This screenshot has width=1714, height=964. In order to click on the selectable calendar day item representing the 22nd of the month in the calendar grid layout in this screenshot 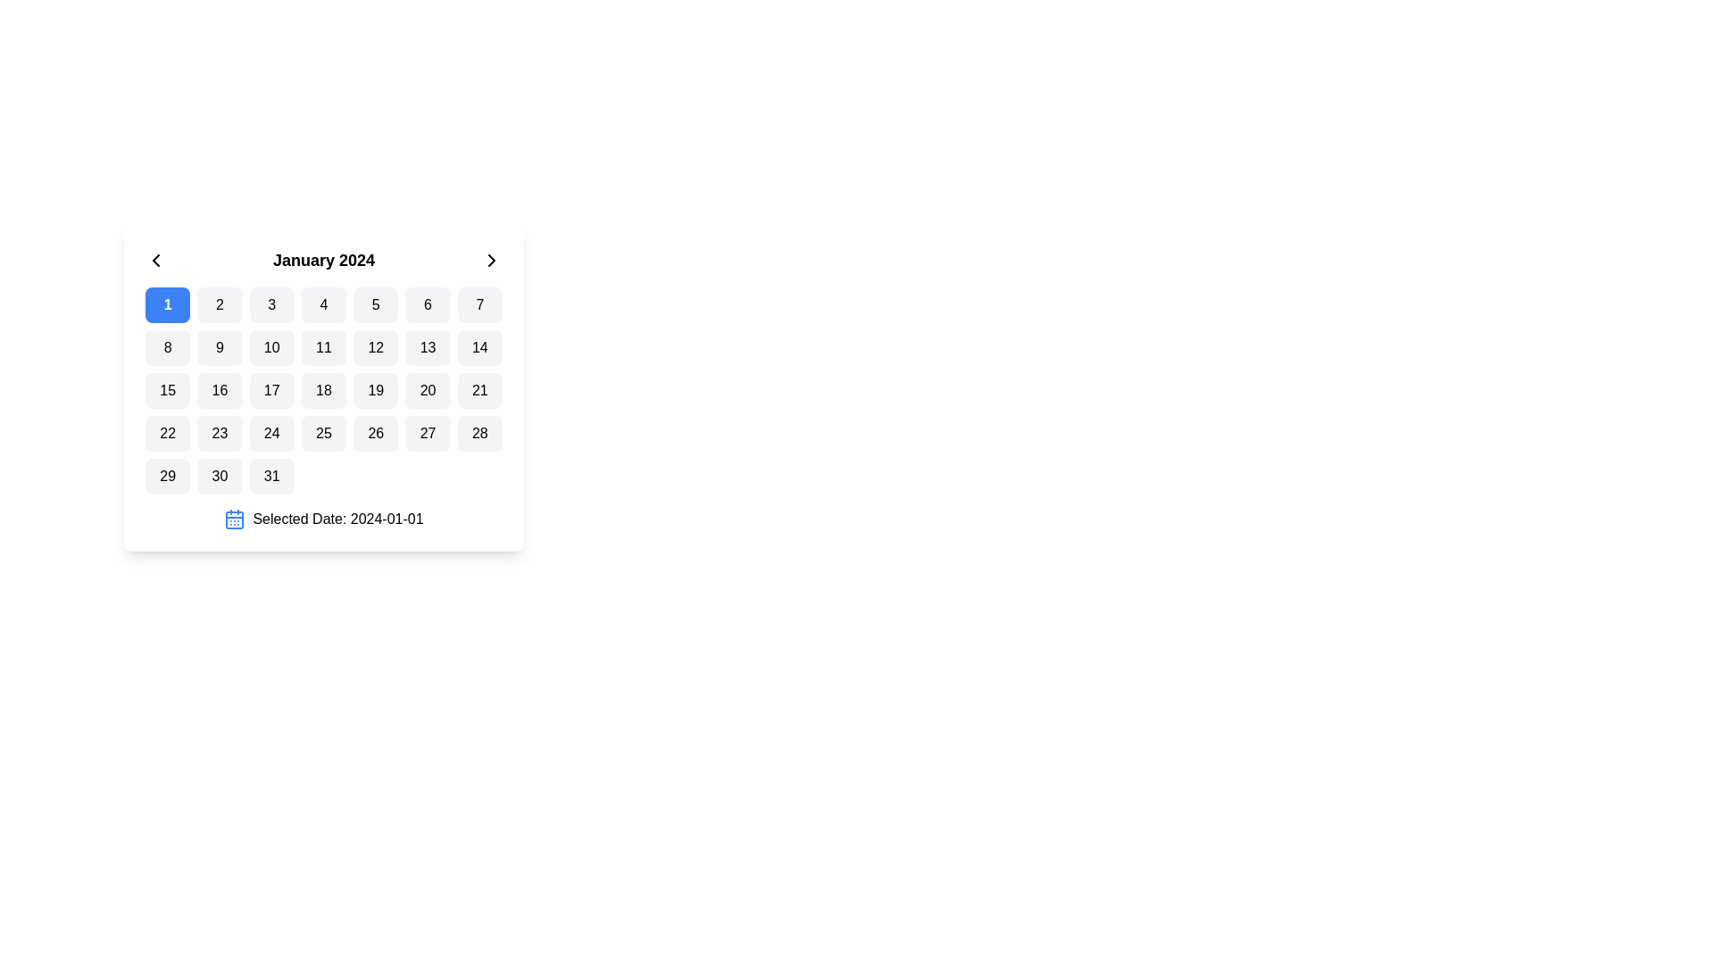, I will do `click(168, 434)`.